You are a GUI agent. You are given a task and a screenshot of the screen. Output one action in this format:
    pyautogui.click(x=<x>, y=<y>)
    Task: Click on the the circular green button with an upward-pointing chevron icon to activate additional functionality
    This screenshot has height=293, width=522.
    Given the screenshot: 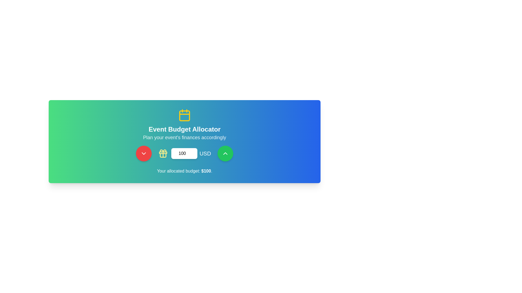 What is the action you would take?
    pyautogui.click(x=225, y=154)
    